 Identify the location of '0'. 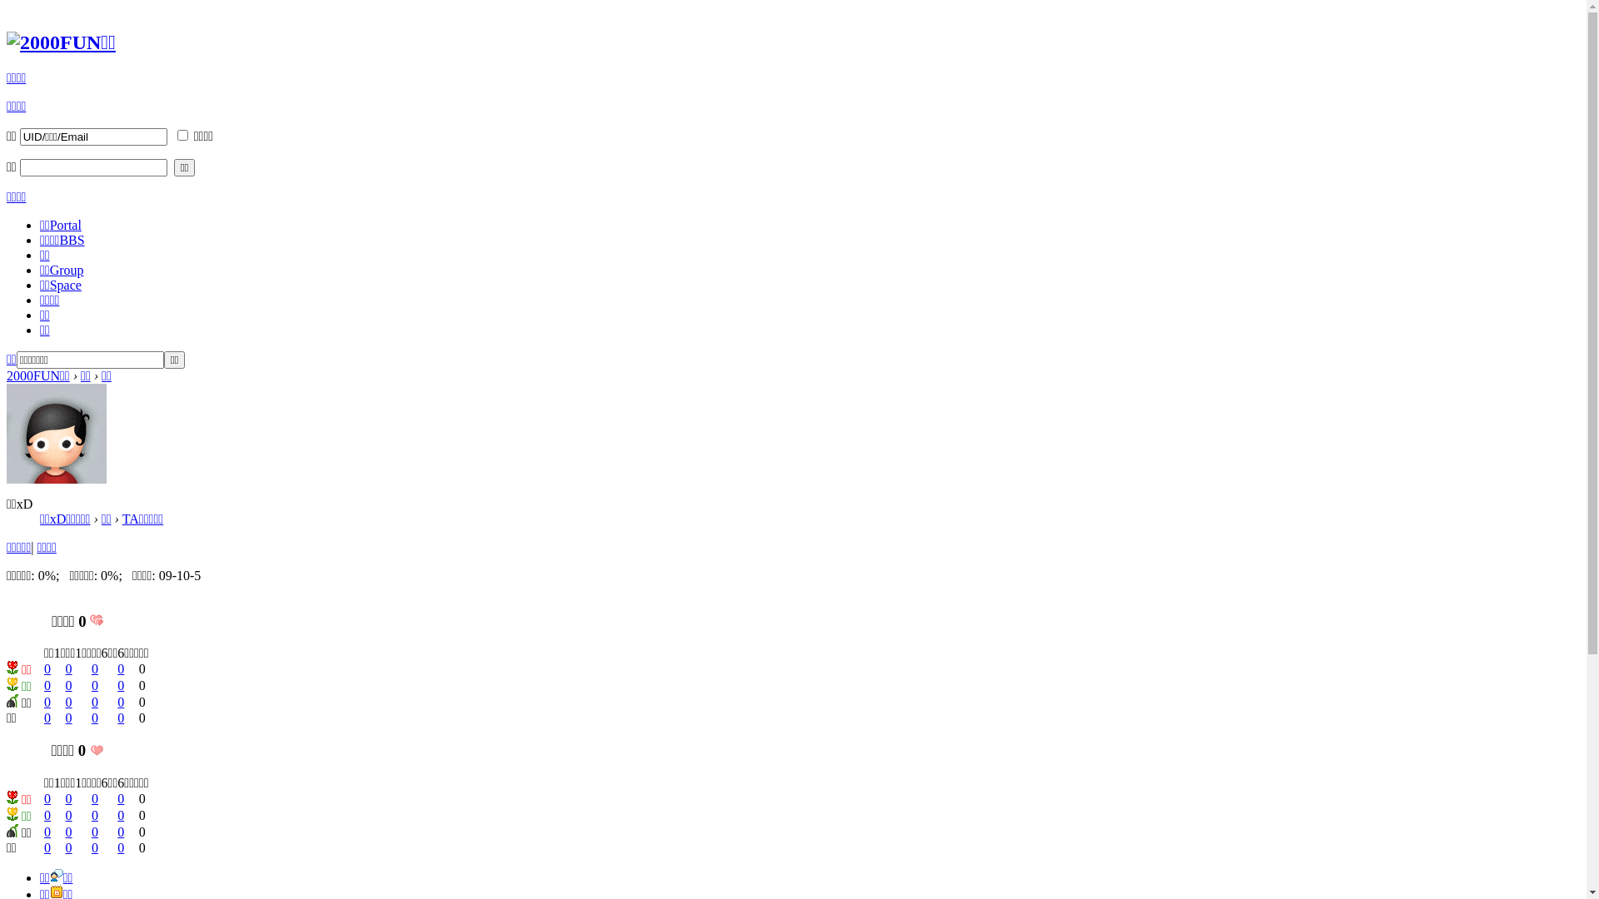
(67, 685).